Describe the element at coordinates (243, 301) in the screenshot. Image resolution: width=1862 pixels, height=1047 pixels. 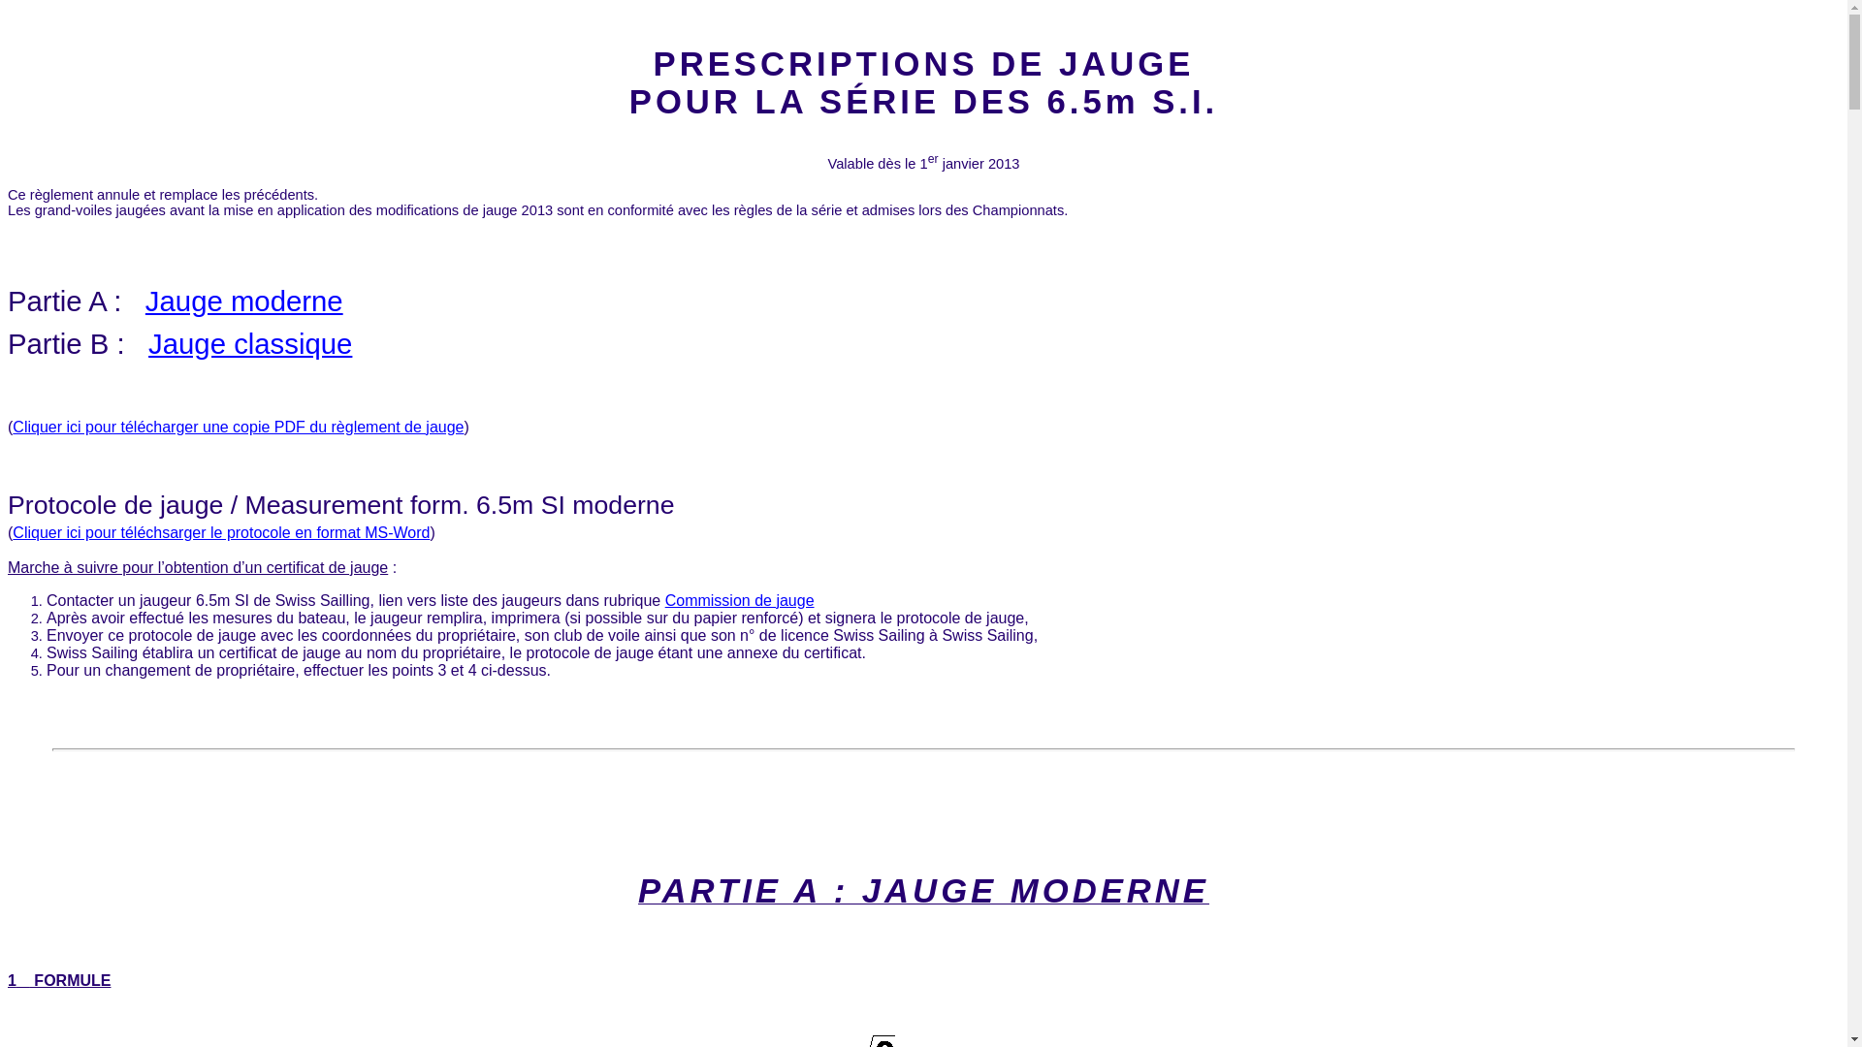
I see `'Jauge moderne'` at that location.